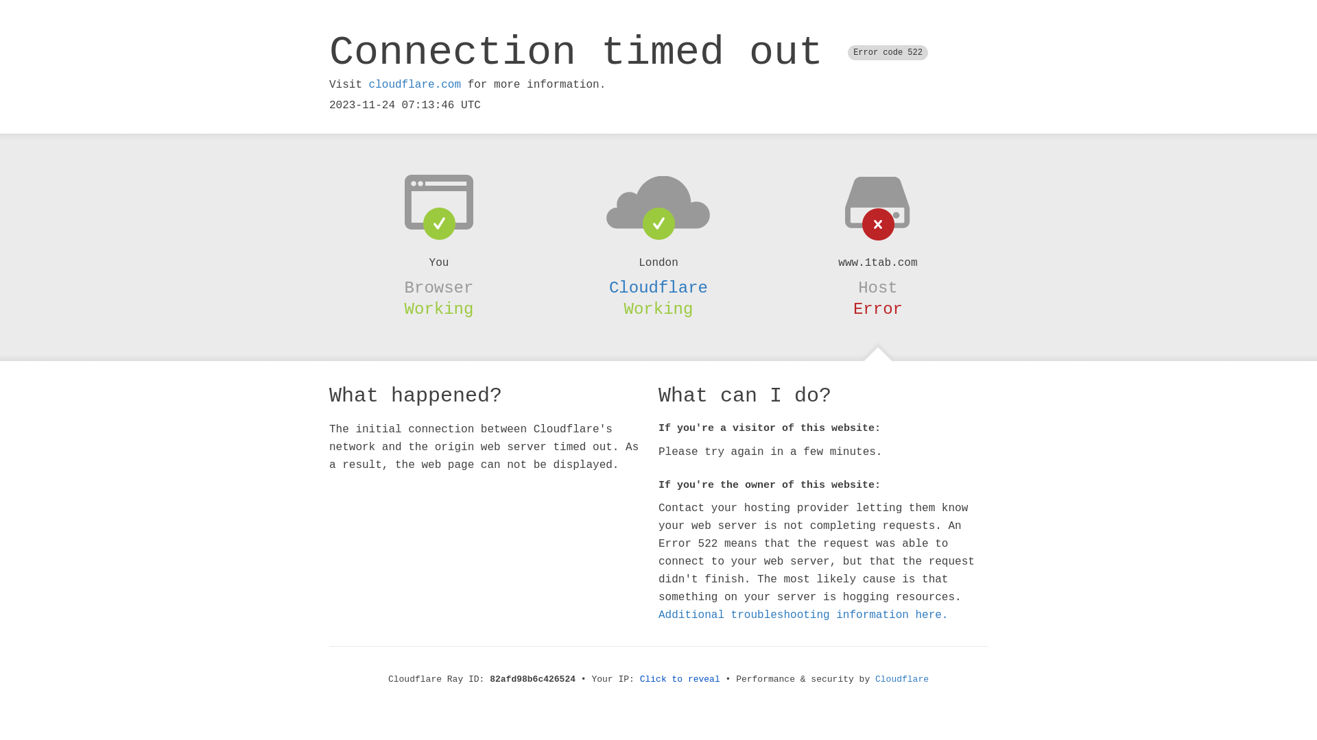 The height and width of the screenshot is (740, 1317). What do you see at coordinates (368, 84) in the screenshot?
I see `'cloudflare.com'` at bounding box center [368, 84].